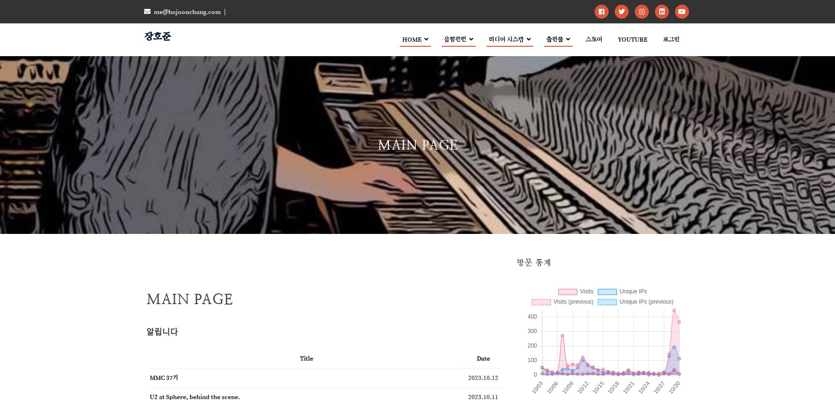 The image size is (835, 400). What do you see at coordinates (299, 357) in the screenshot?
I see `'Title'` at bounding box center [299, 357].